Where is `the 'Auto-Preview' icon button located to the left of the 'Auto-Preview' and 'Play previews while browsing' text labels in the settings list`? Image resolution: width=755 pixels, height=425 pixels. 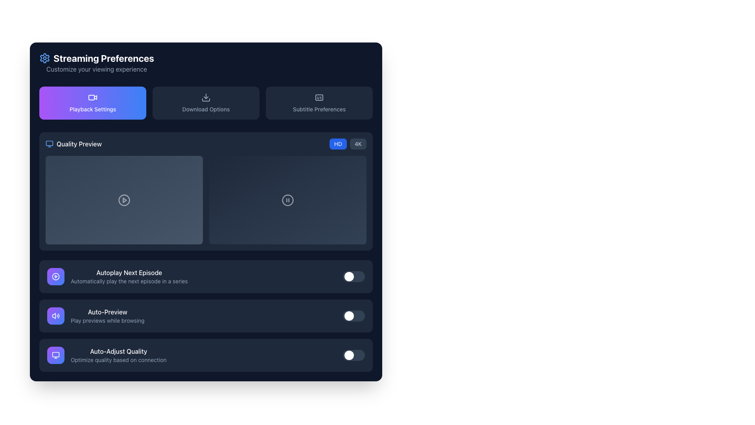 the 'Auto-Preview' icon button located to the left of the 'Auto-Preview' and 'Play previews while browsing' text labels in the settings list is located at coordinates (55, 315).